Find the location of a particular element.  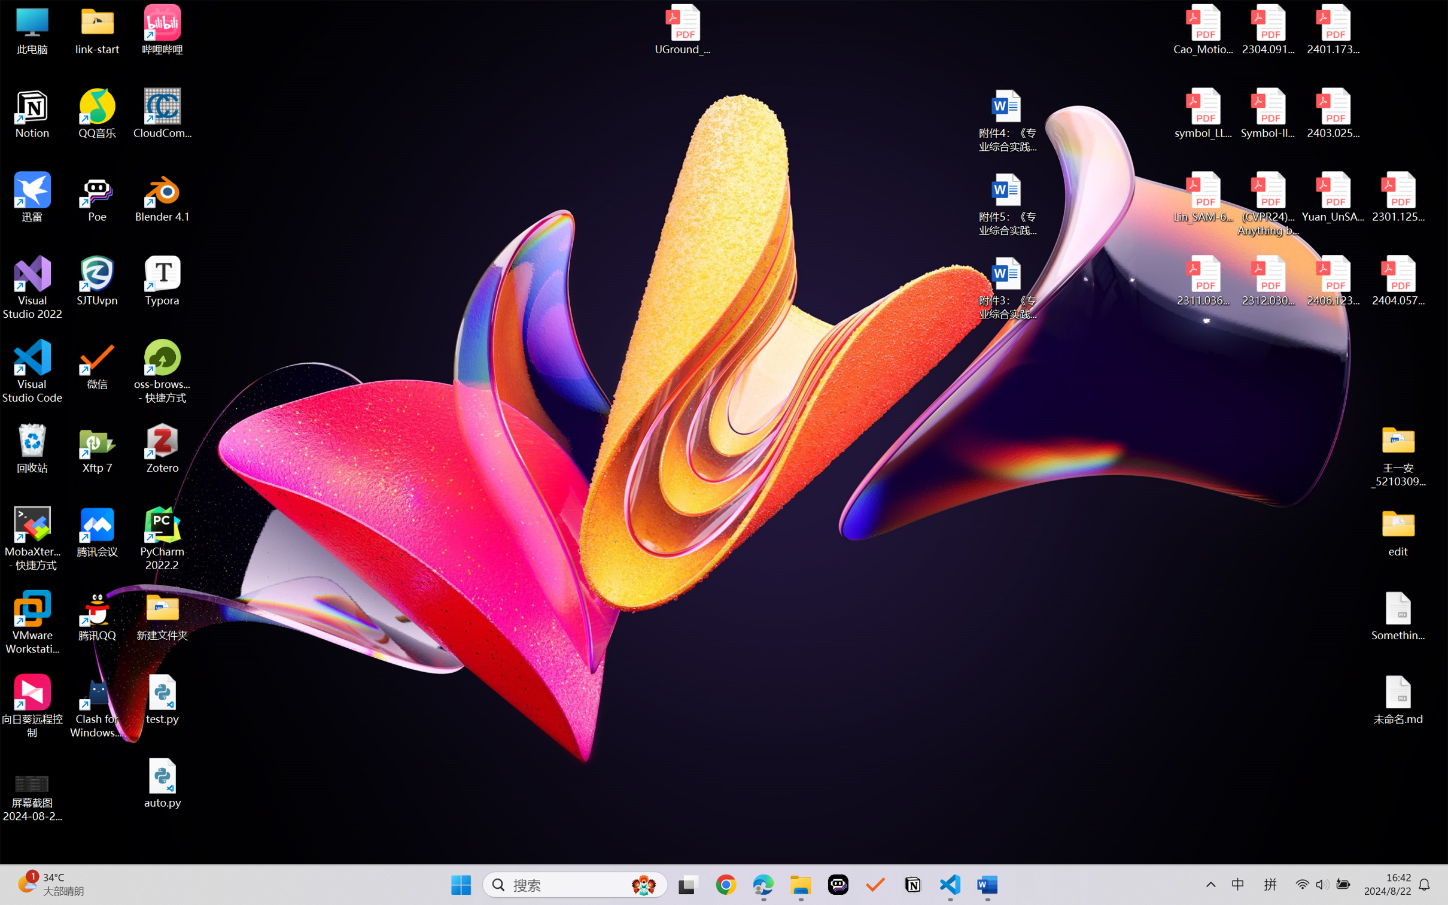

'test.py' is located at coordinates (162, 699).